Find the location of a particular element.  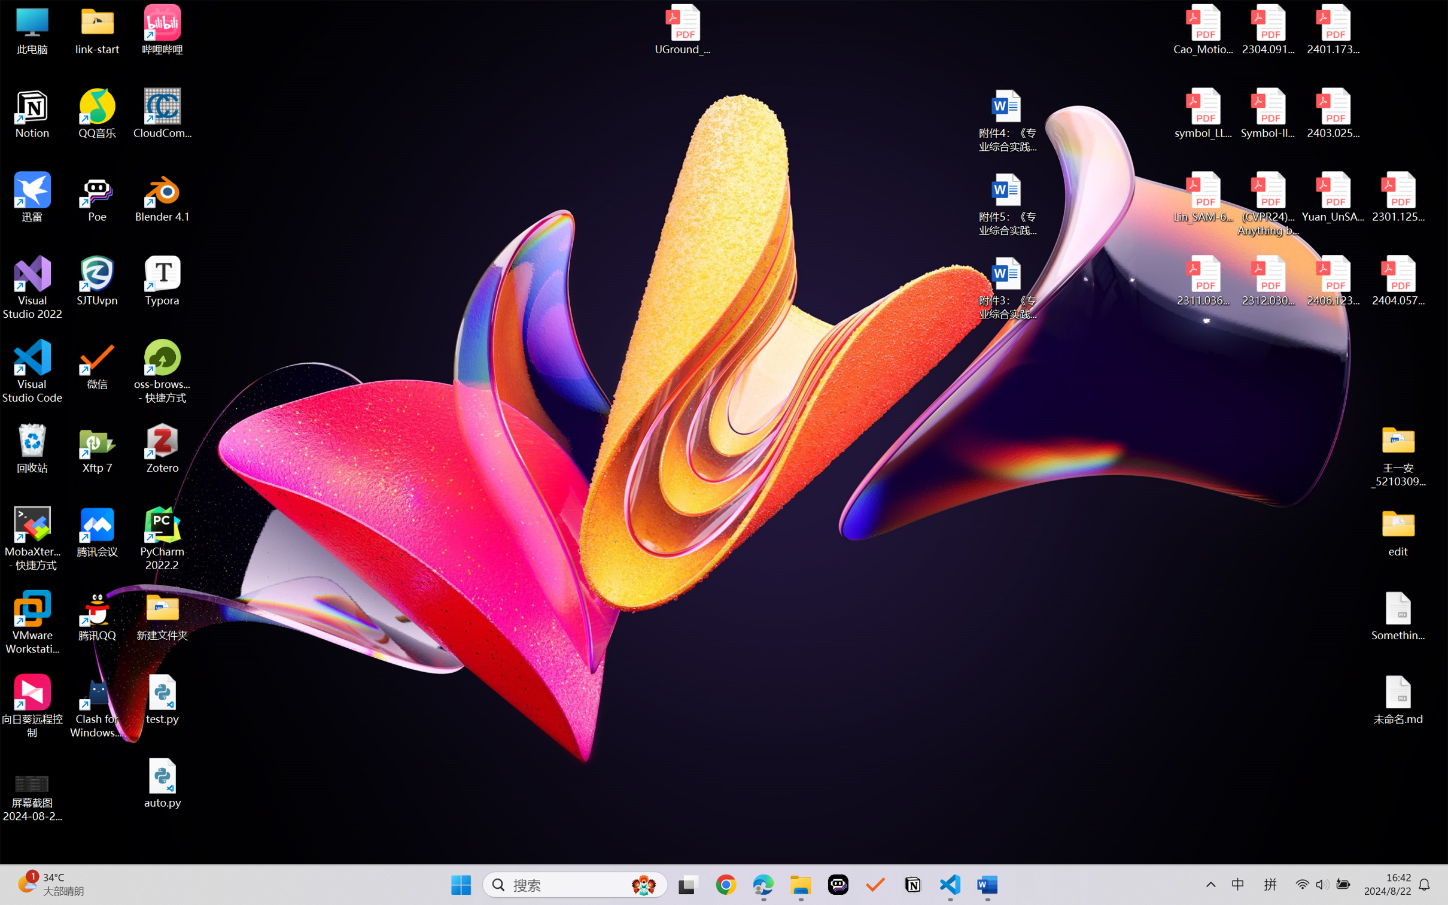

'test.py' is located at coordinates (162, 699).